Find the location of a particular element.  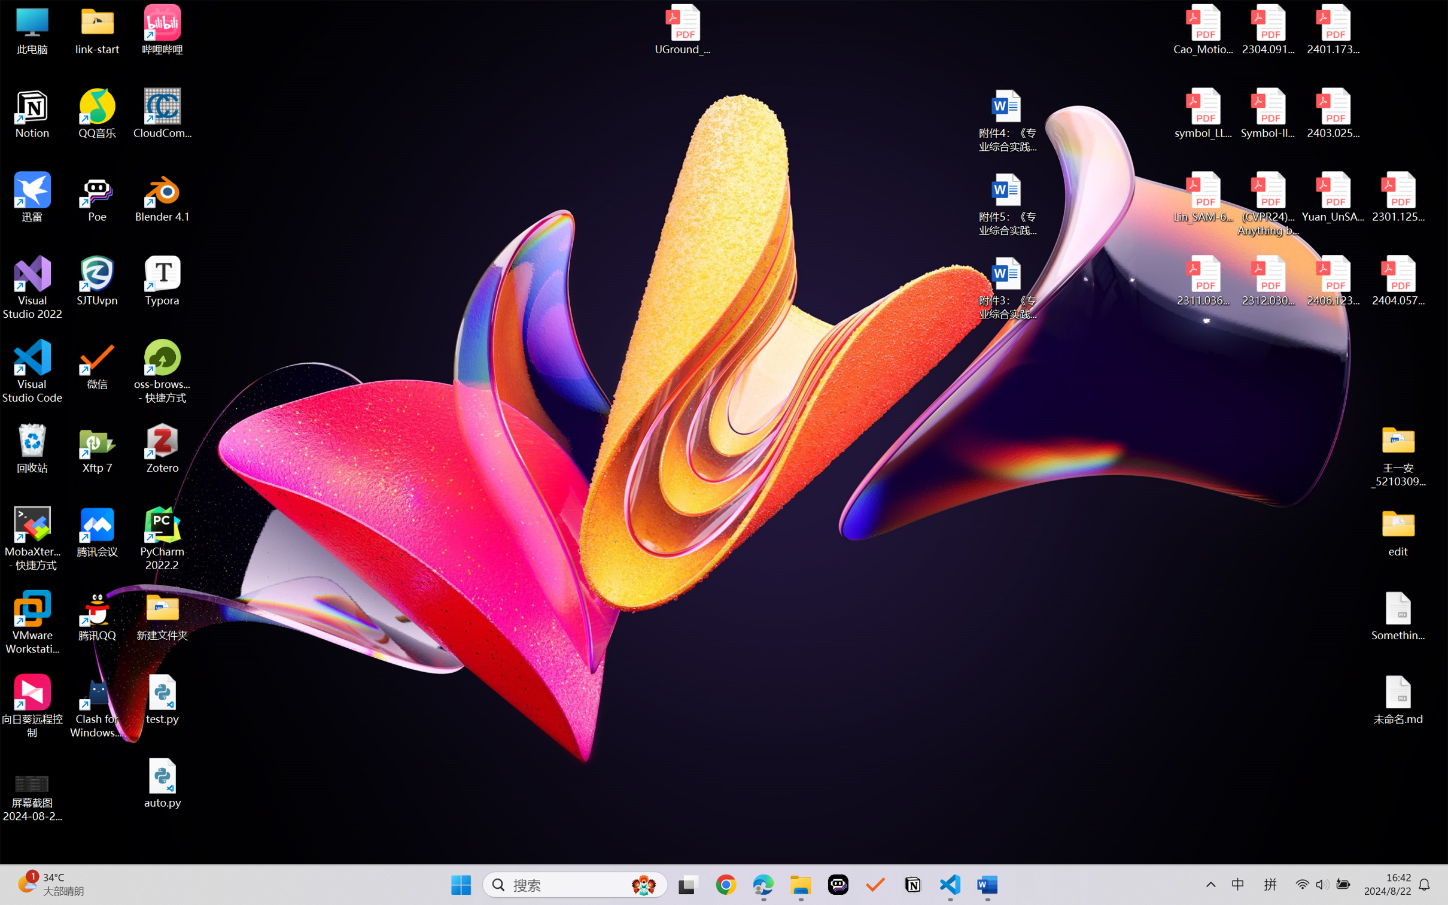

'test.py' is located at coordinates (162, 699).